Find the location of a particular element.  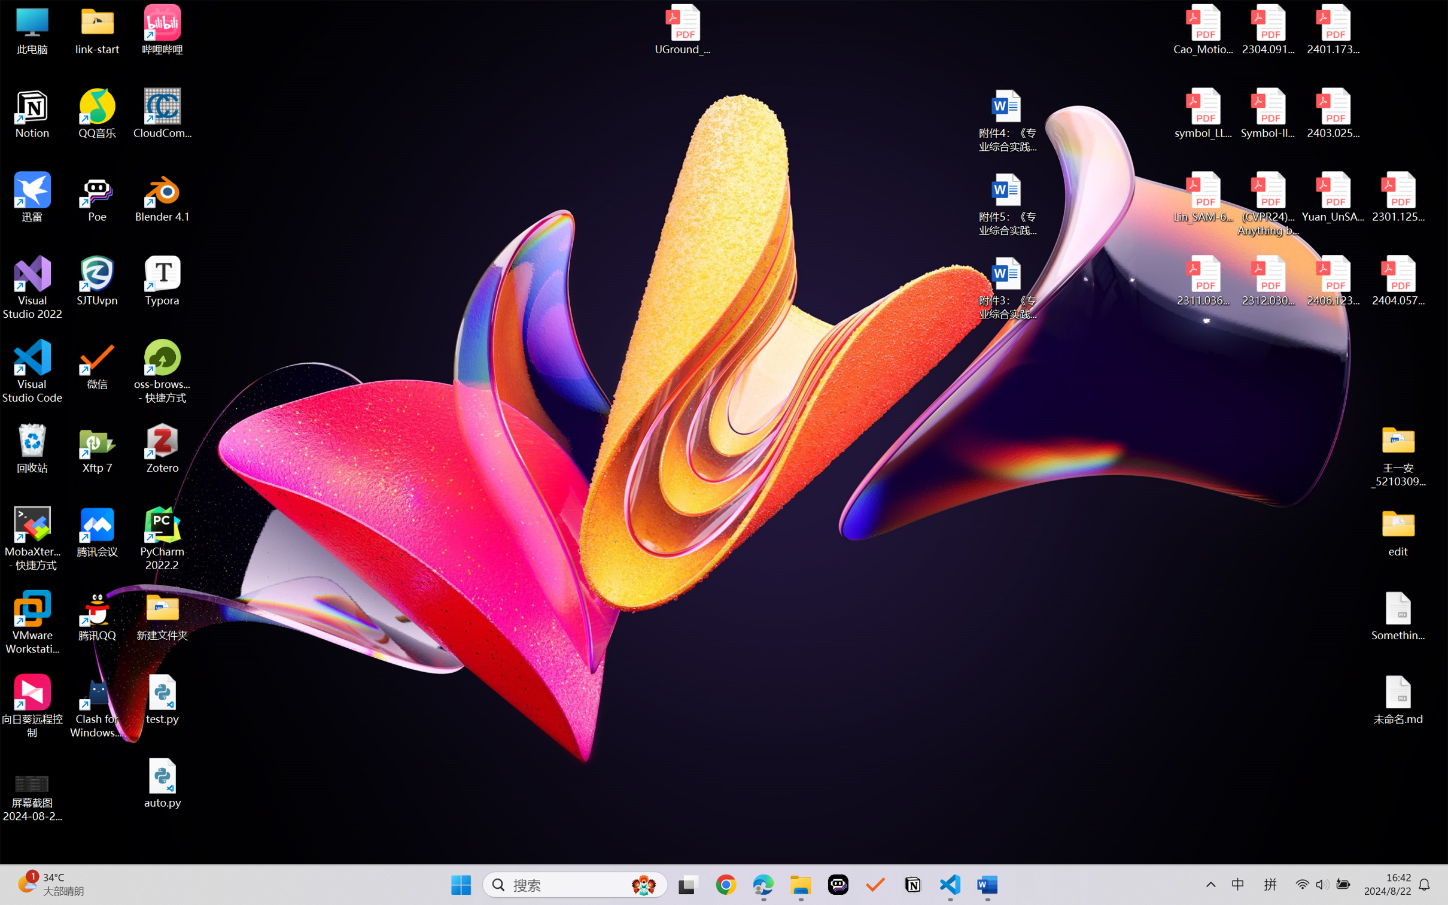

'test.py' is located at coordinates (162, 699).